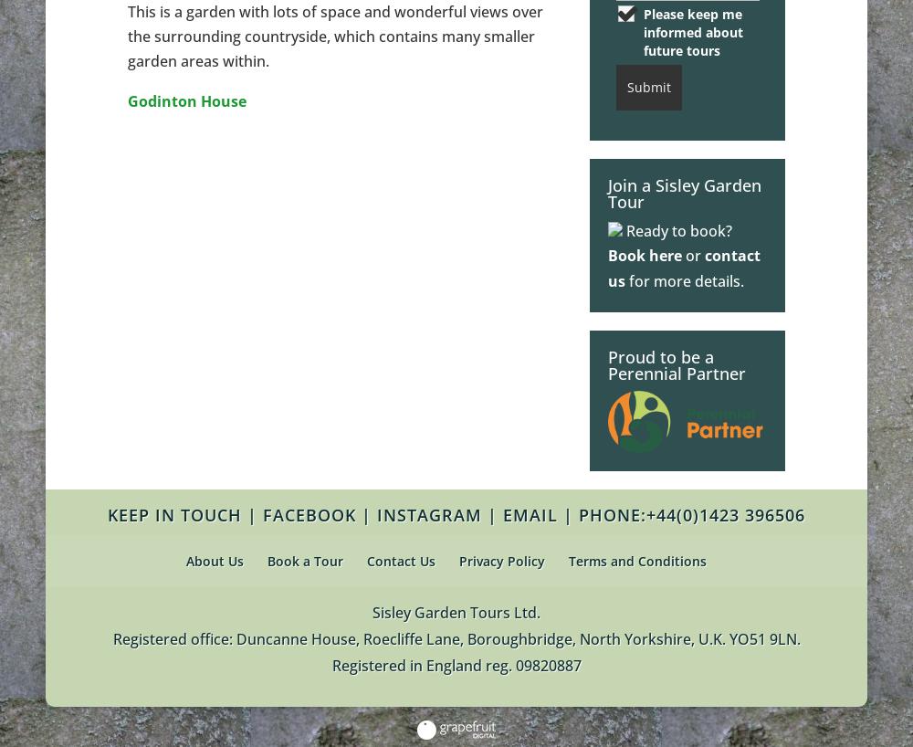  I want to click on 'Book here', so click(644, 255).